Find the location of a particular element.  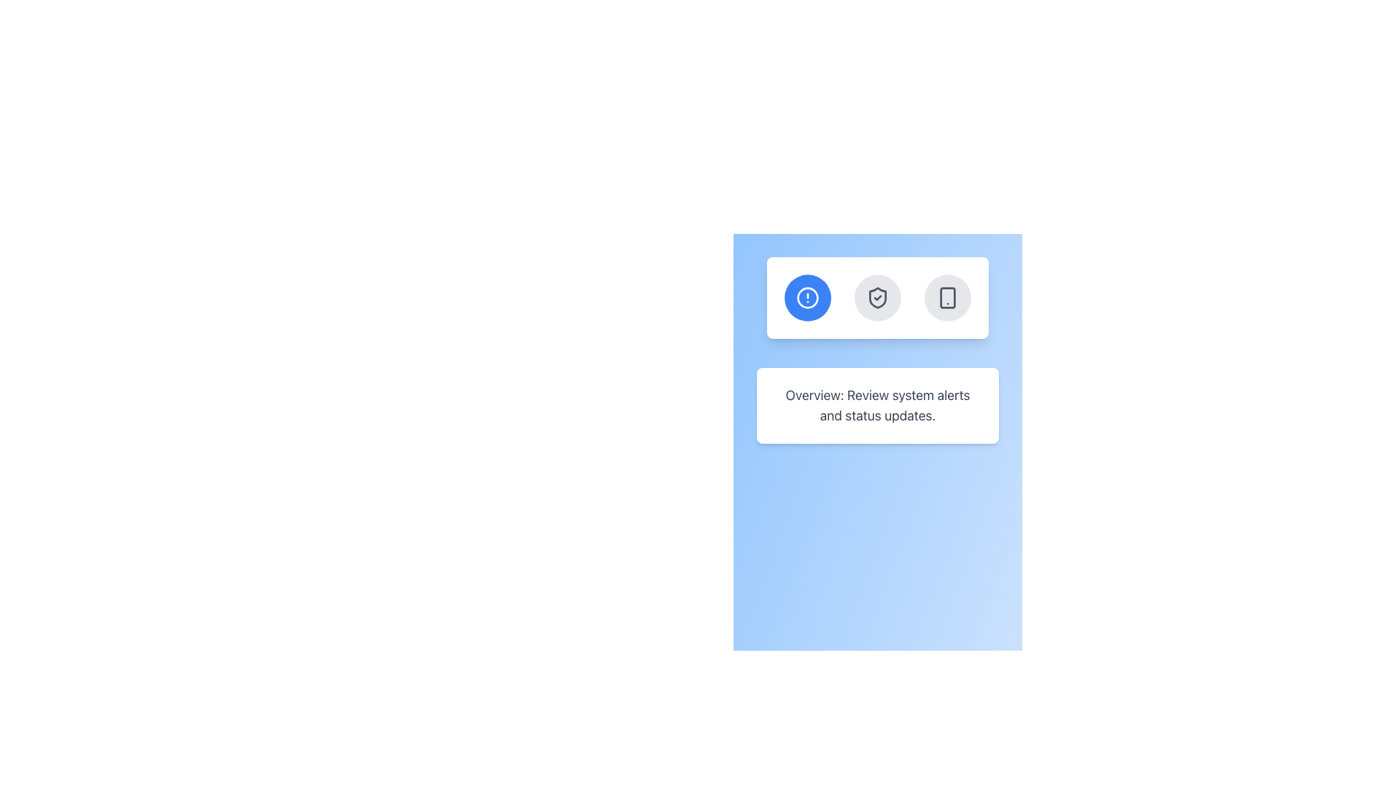

the smartphone icon located in the rightmost group of three circular icons at the top of the interface, which is the third icon to the right of the shield icon is located at coordinates (948, 297).